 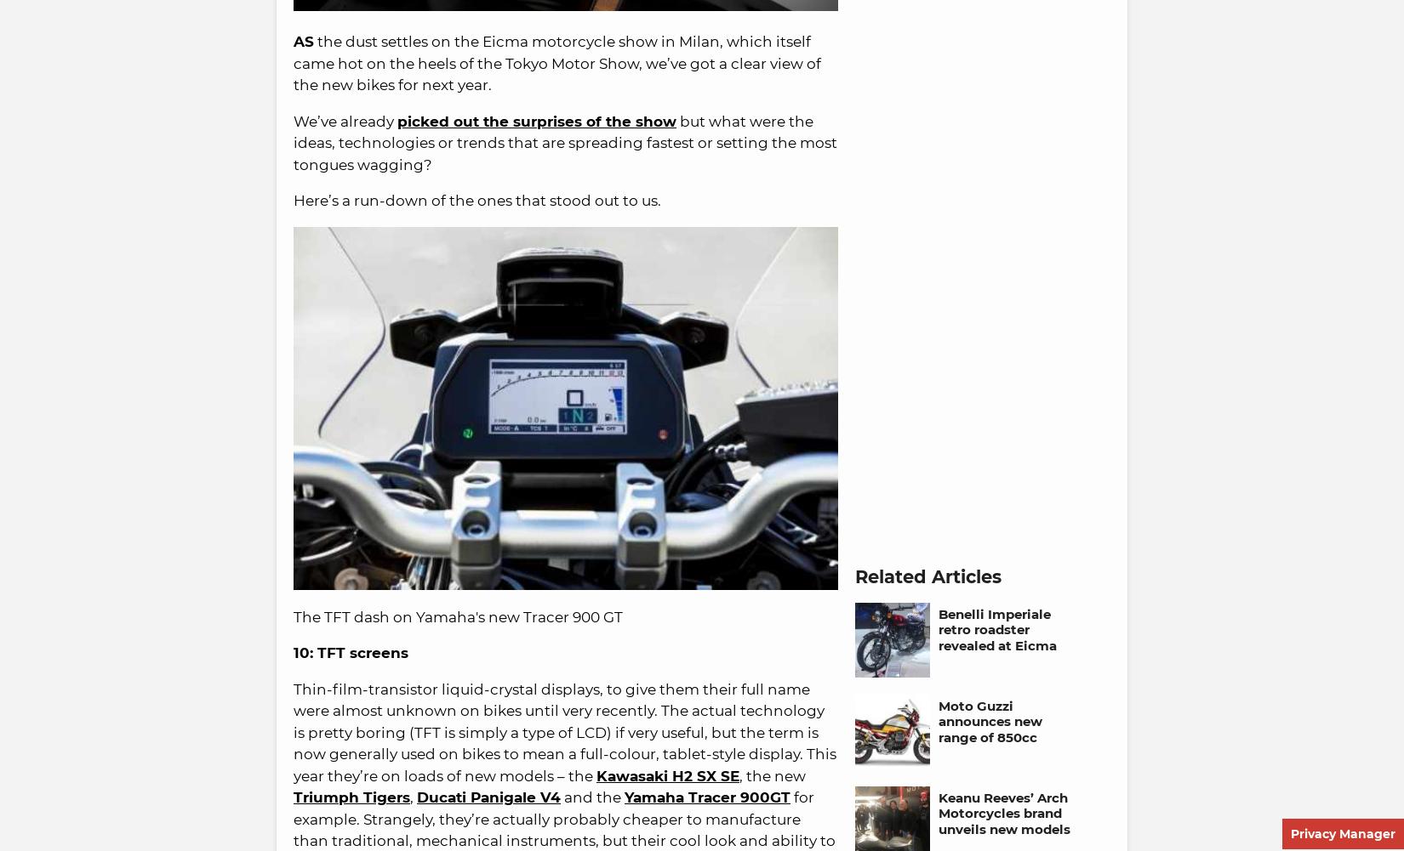 I want to click on 'The TFT dash on Yamaha's new Tracer 900 GT', so click(x=457, y=616).